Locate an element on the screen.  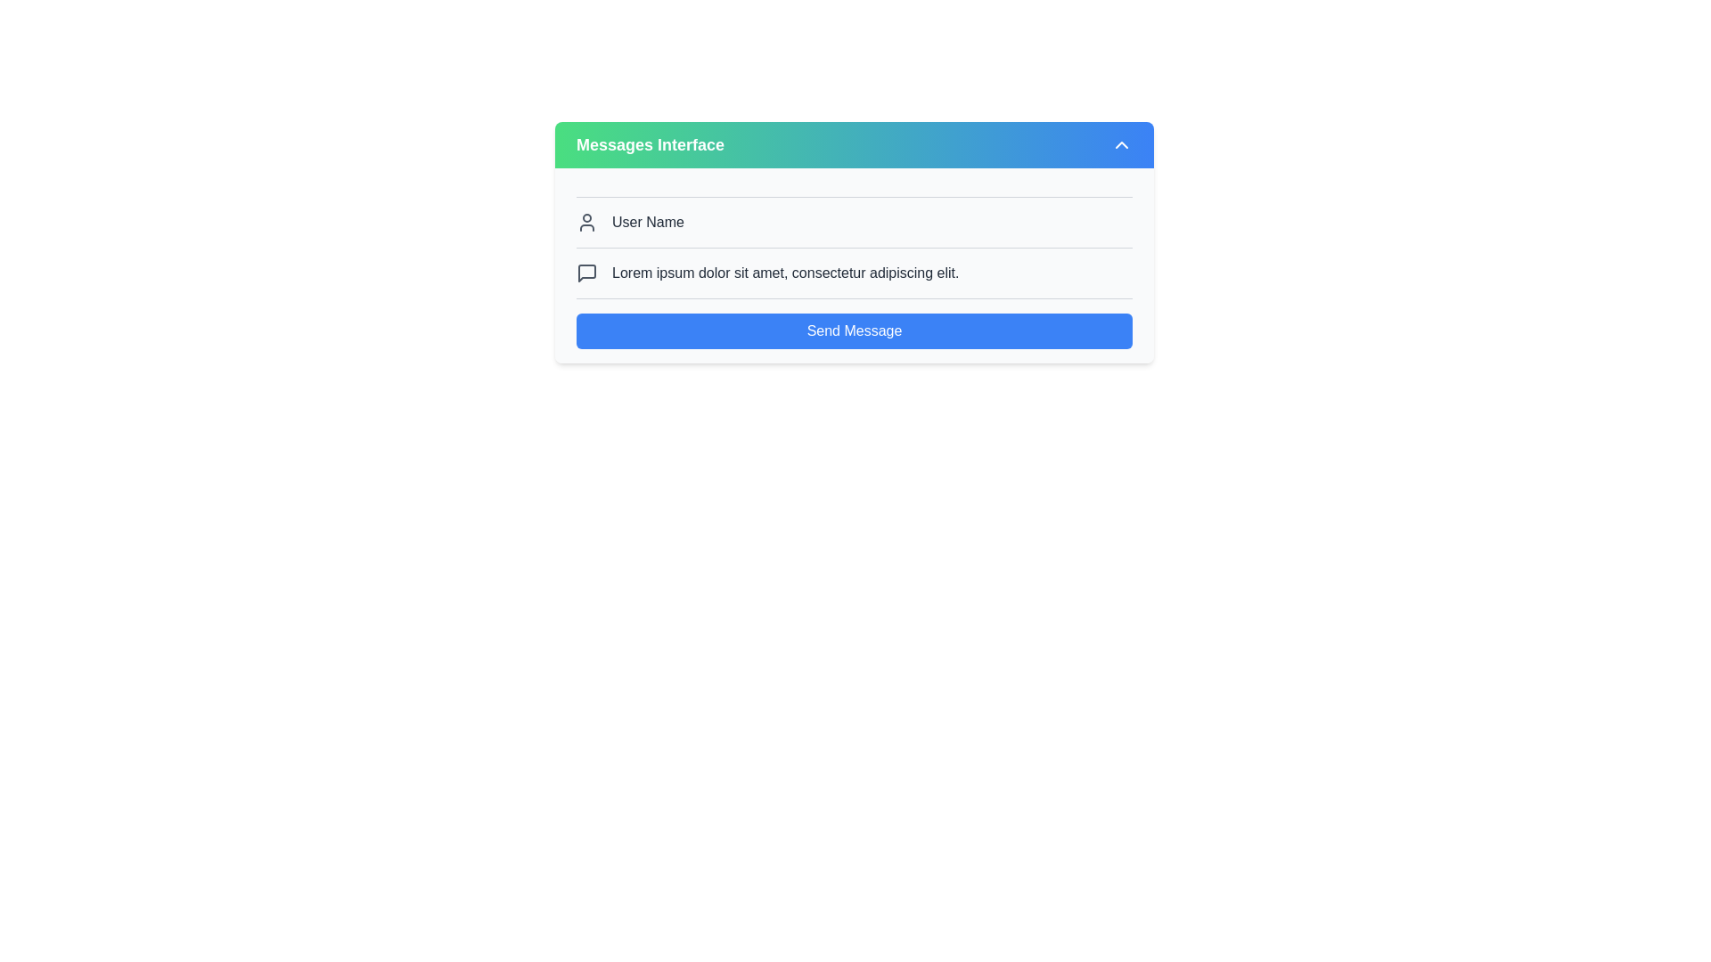
the message/comment icon, which is the first icon in the row located under the user name field and above the blue 'Send Message' button is located at coordinates (586, 273).